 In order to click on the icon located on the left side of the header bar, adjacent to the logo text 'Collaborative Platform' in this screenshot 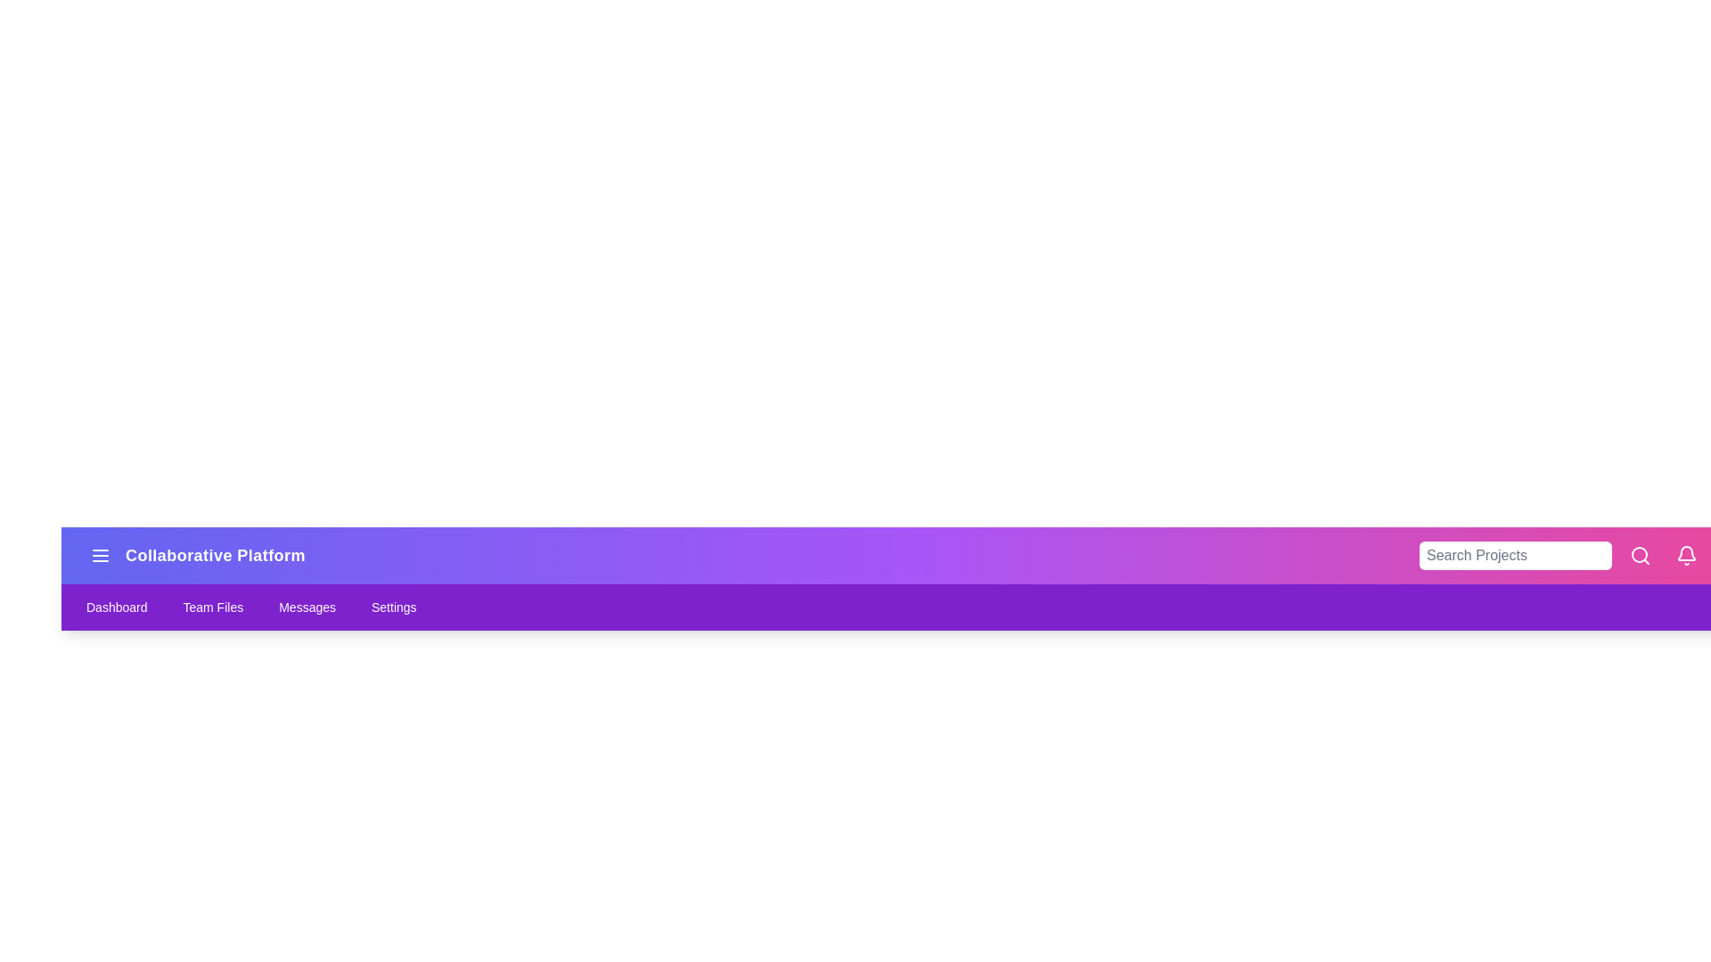, I will do `click(100, 555)`.